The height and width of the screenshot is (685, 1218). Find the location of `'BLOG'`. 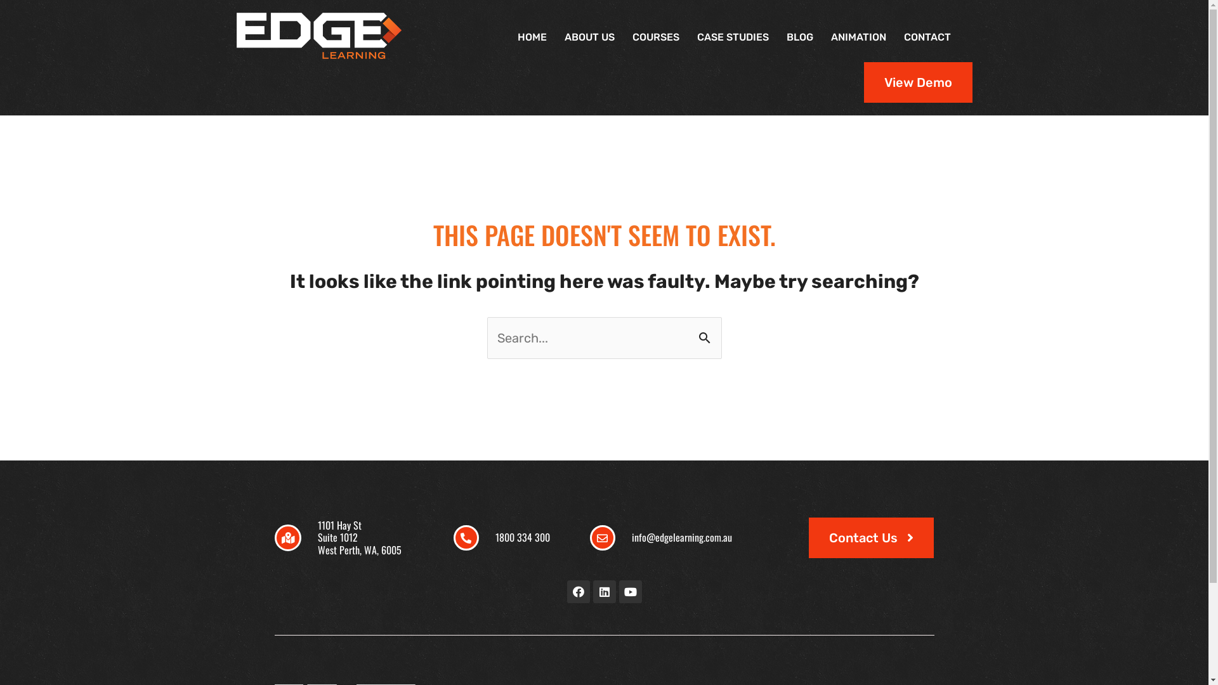

'BLOG' is located at coordinates (799, 36).